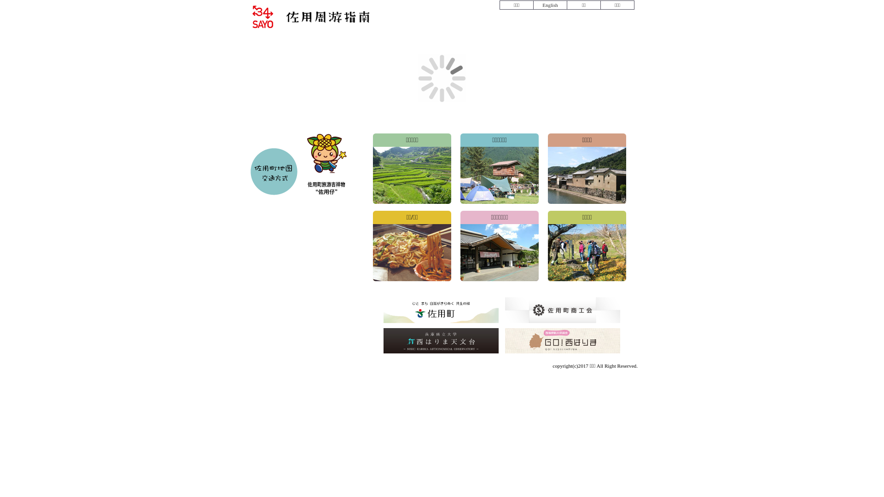  What do you see at coordinates (550, 5) in the screenshot?
I see `'English'` at bounding box center [550, 5].